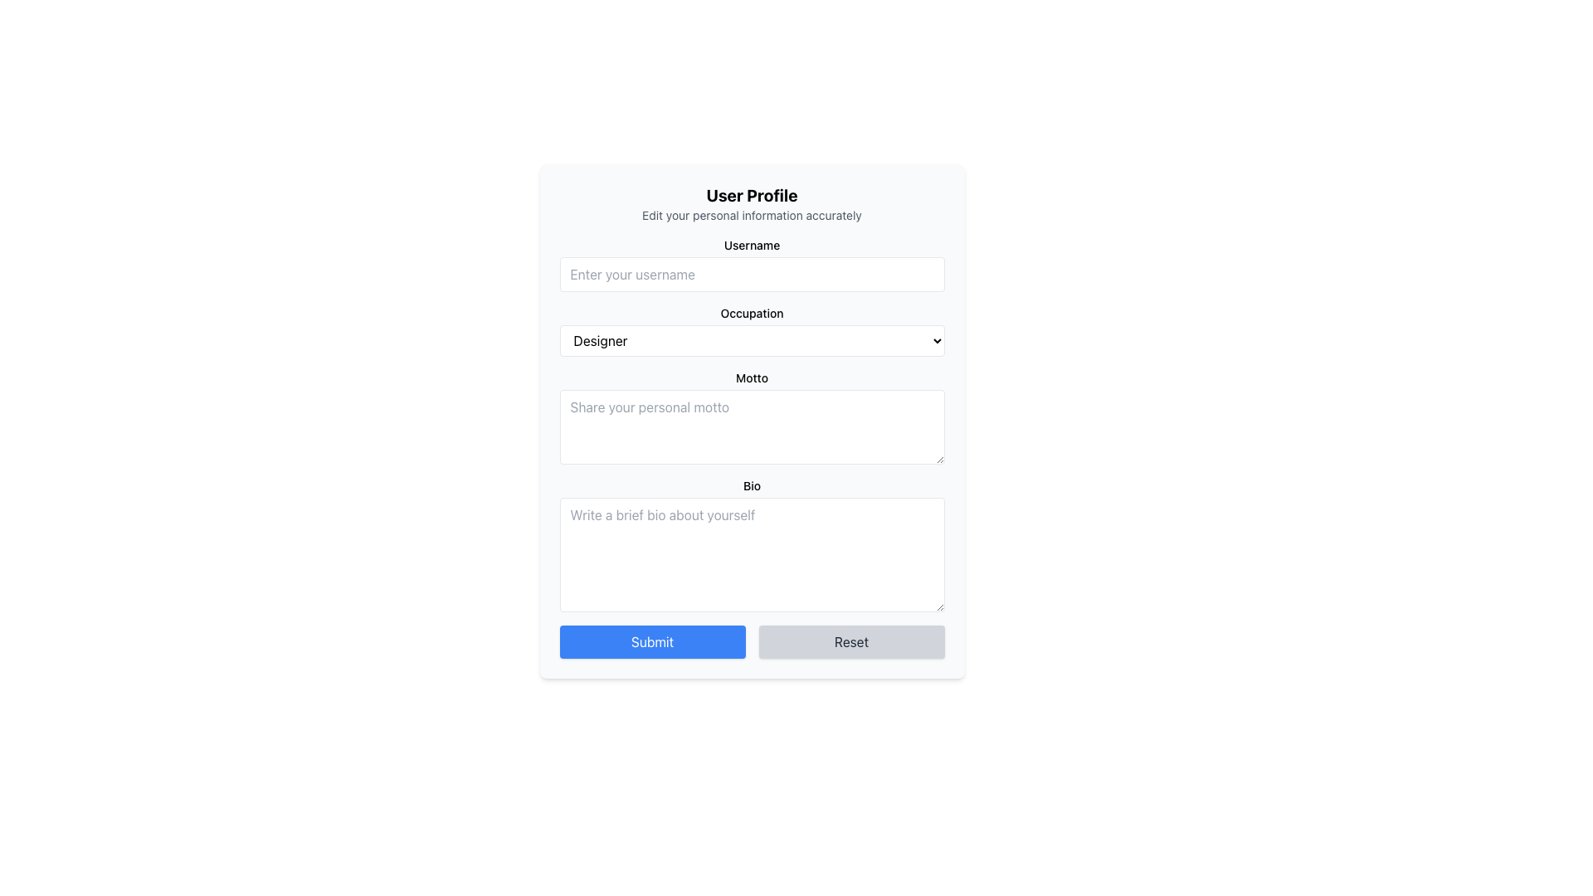 The width and height of the screenshot is (1593, 896). I want to click on the 'User Profile' text header with subtitle, which consists of a bold first line 'User Profile' and a smaller gray second line 'Edit your personal information accurately'. This element is located at the top of the form section within the modal dialogue, so click(751, 203).